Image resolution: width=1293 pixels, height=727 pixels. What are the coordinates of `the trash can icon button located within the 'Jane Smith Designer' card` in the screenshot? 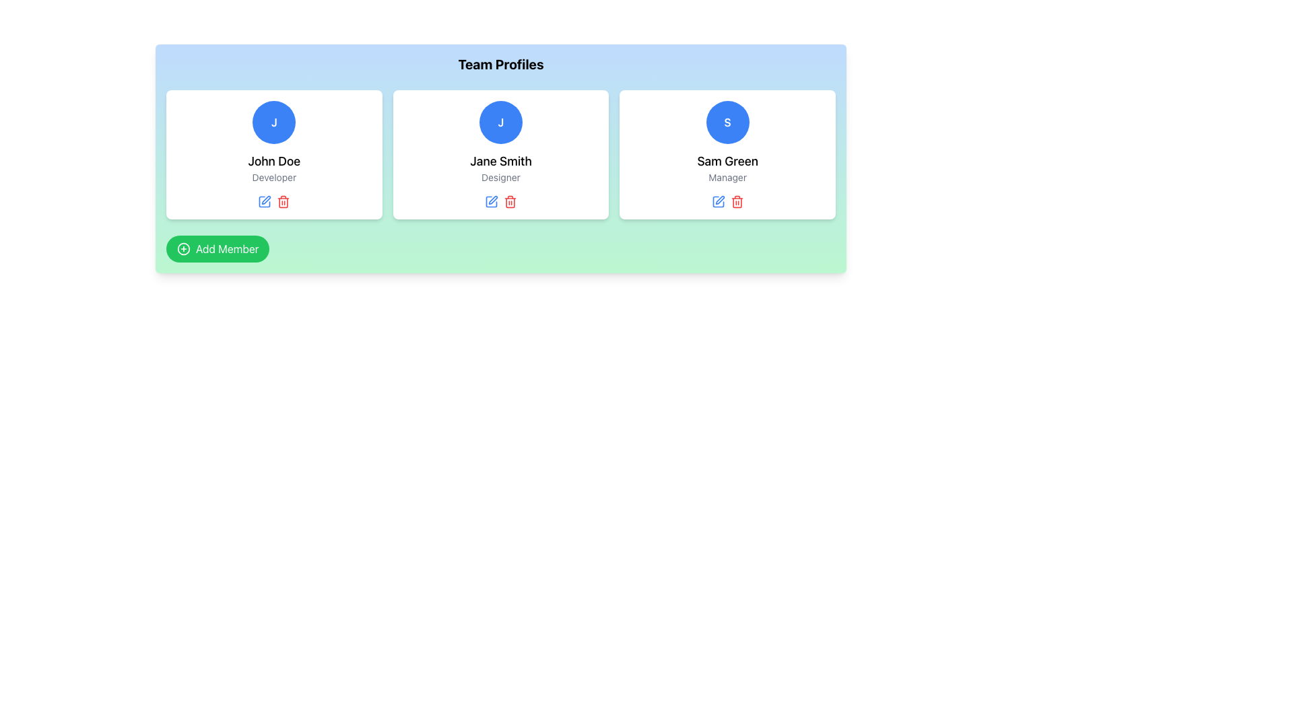 It's located at (510, 203).